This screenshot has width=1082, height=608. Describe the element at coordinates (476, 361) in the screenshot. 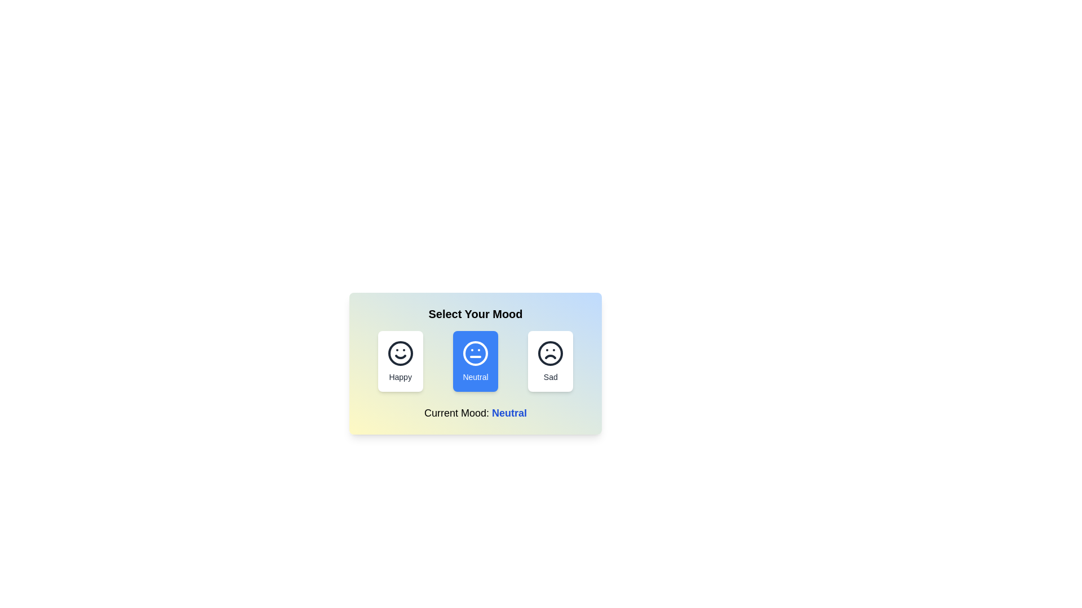

I see `the mood button corresponding to Neutral` at that location.